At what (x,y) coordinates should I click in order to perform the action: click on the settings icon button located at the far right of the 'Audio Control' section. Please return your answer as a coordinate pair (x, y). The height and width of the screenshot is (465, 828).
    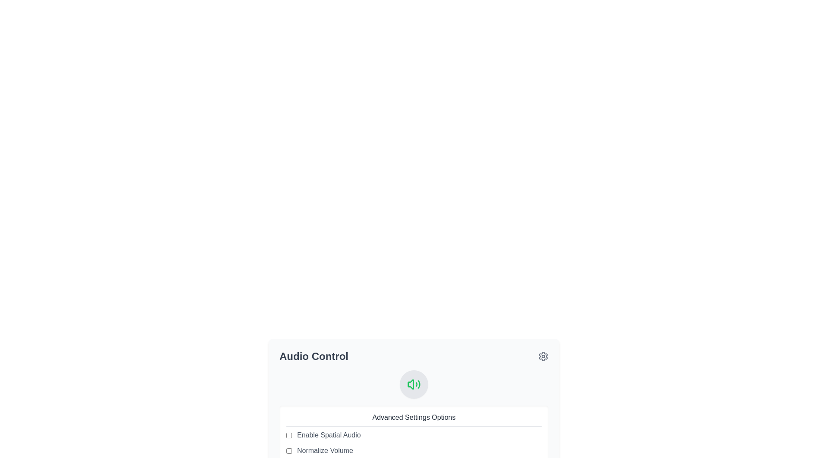
    Looking at the image, I should click on (543, 356).